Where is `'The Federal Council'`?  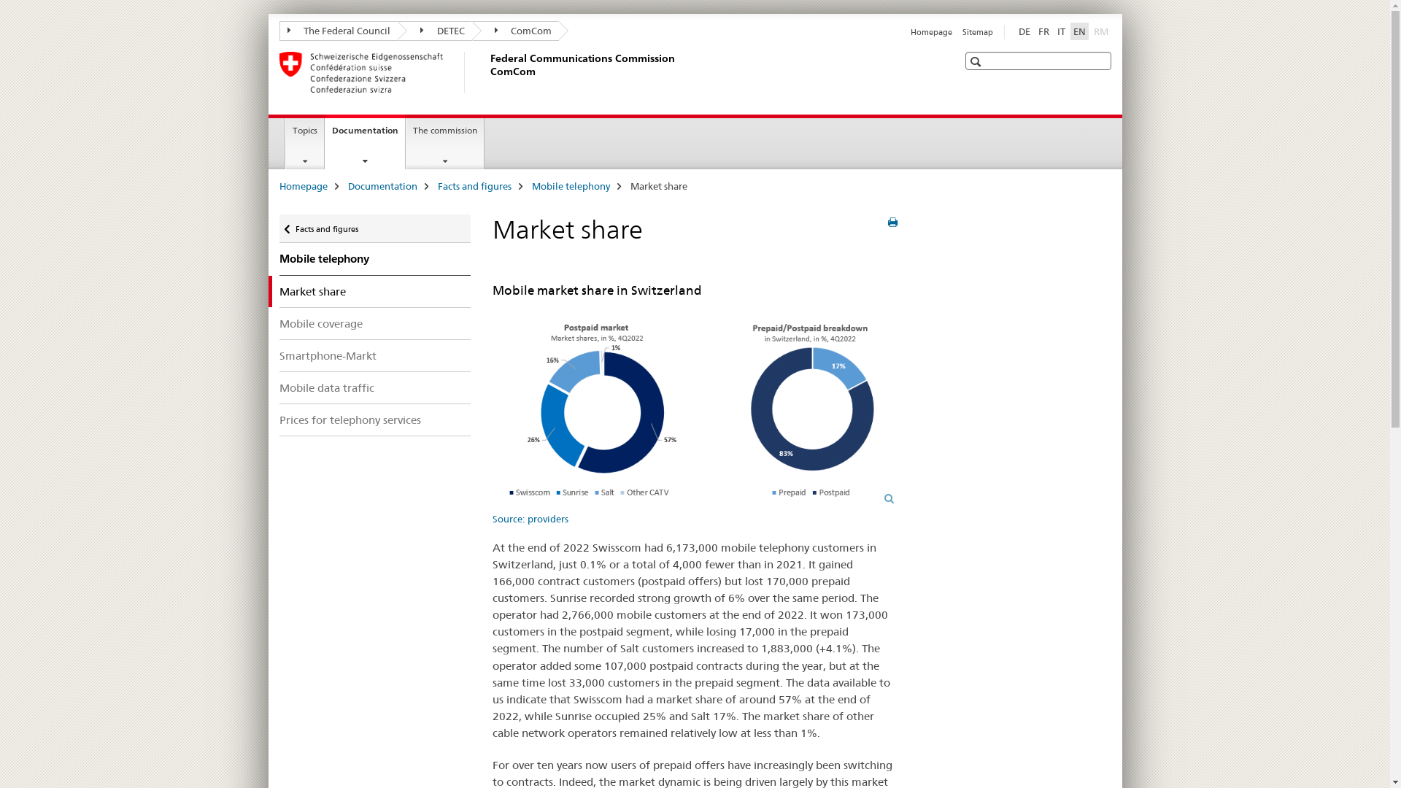 'The Federal Council' is located at coordinates (337, 31).